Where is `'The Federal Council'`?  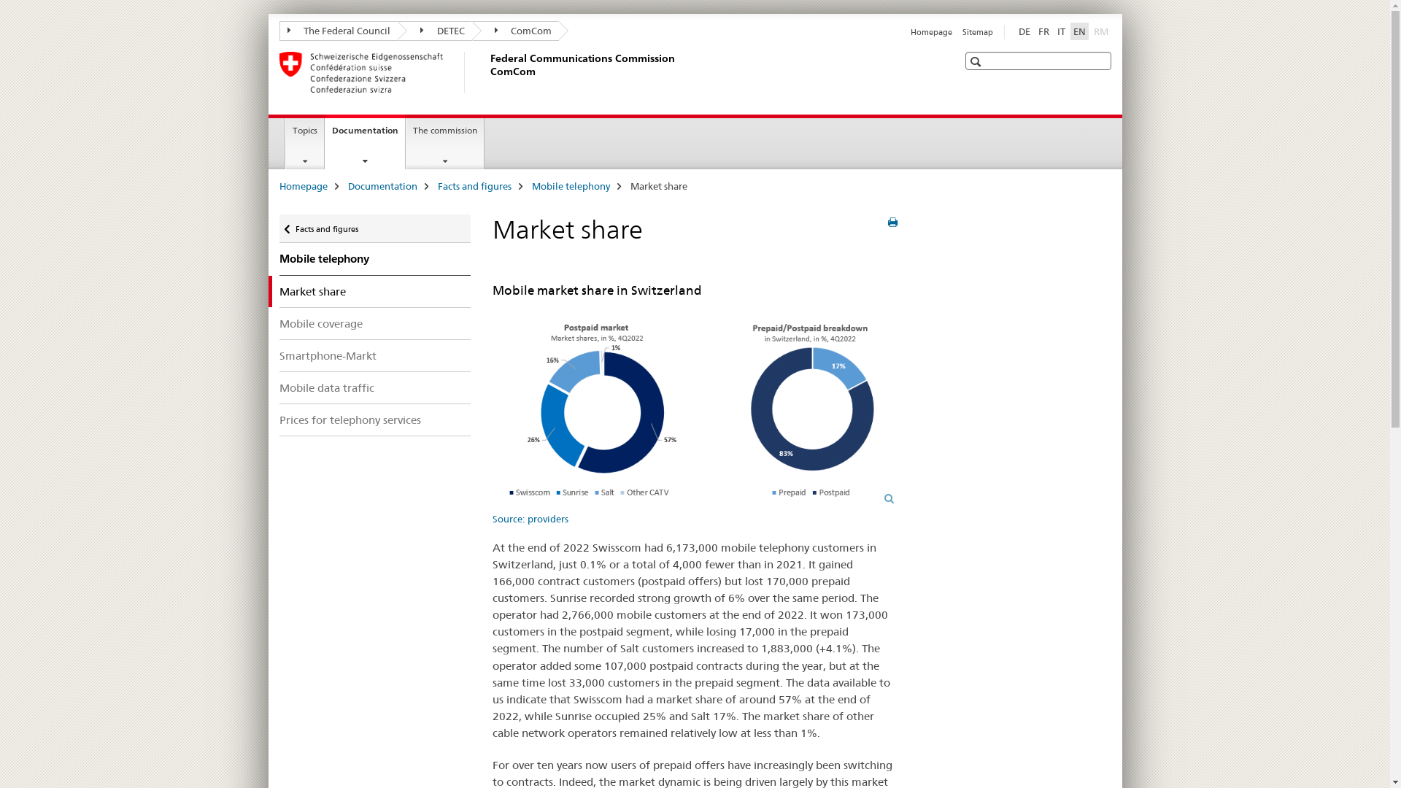 'The Federal Council' is located at coordinates (337, 31).